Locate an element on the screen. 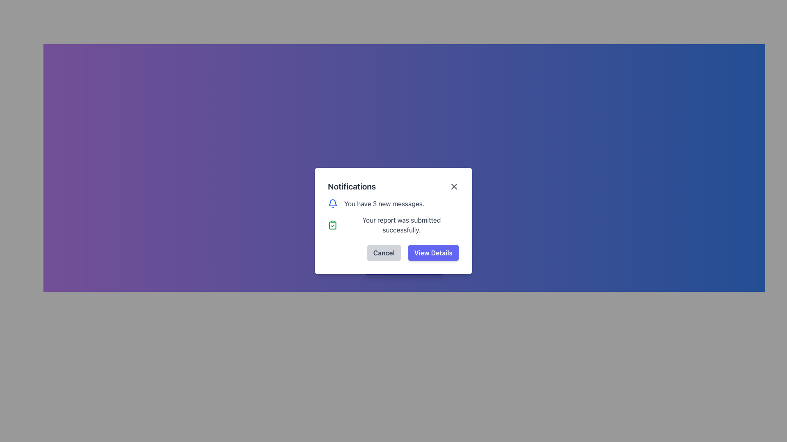 This screenshot has width=787, height=442. the button located in the central lower section of the notification panel is located at coordinates (404, 265).